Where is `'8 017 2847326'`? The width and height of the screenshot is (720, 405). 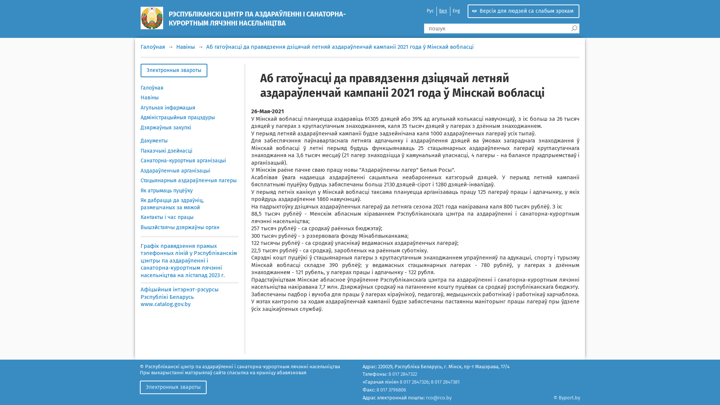
'8 017 2847326' is located at coordinates (414, 382).